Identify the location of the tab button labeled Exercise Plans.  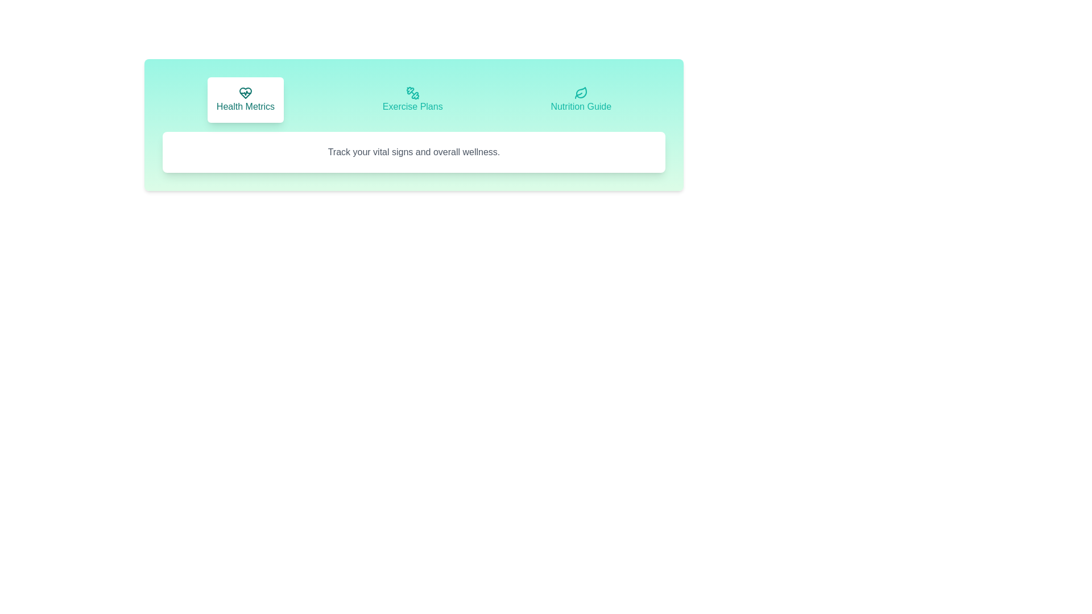
(412, 99).